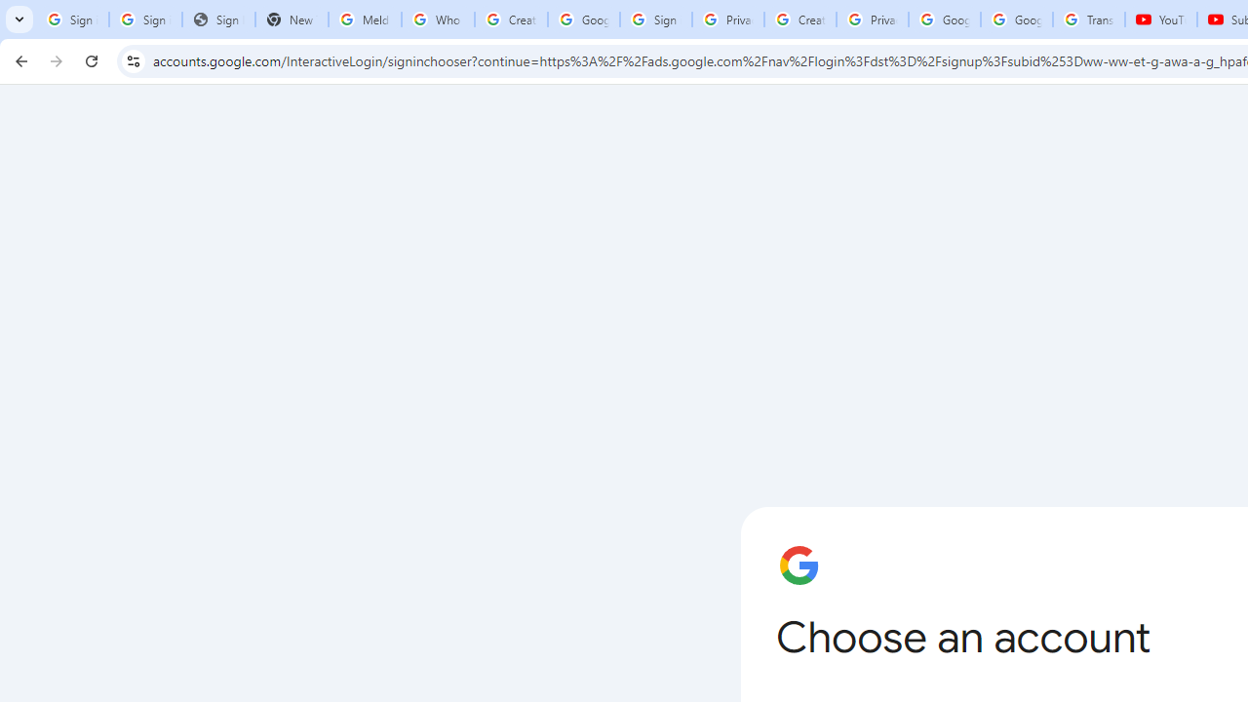 This screenshot has width=1248, height=702. I want to click on 'View site information', so click(132, 59).